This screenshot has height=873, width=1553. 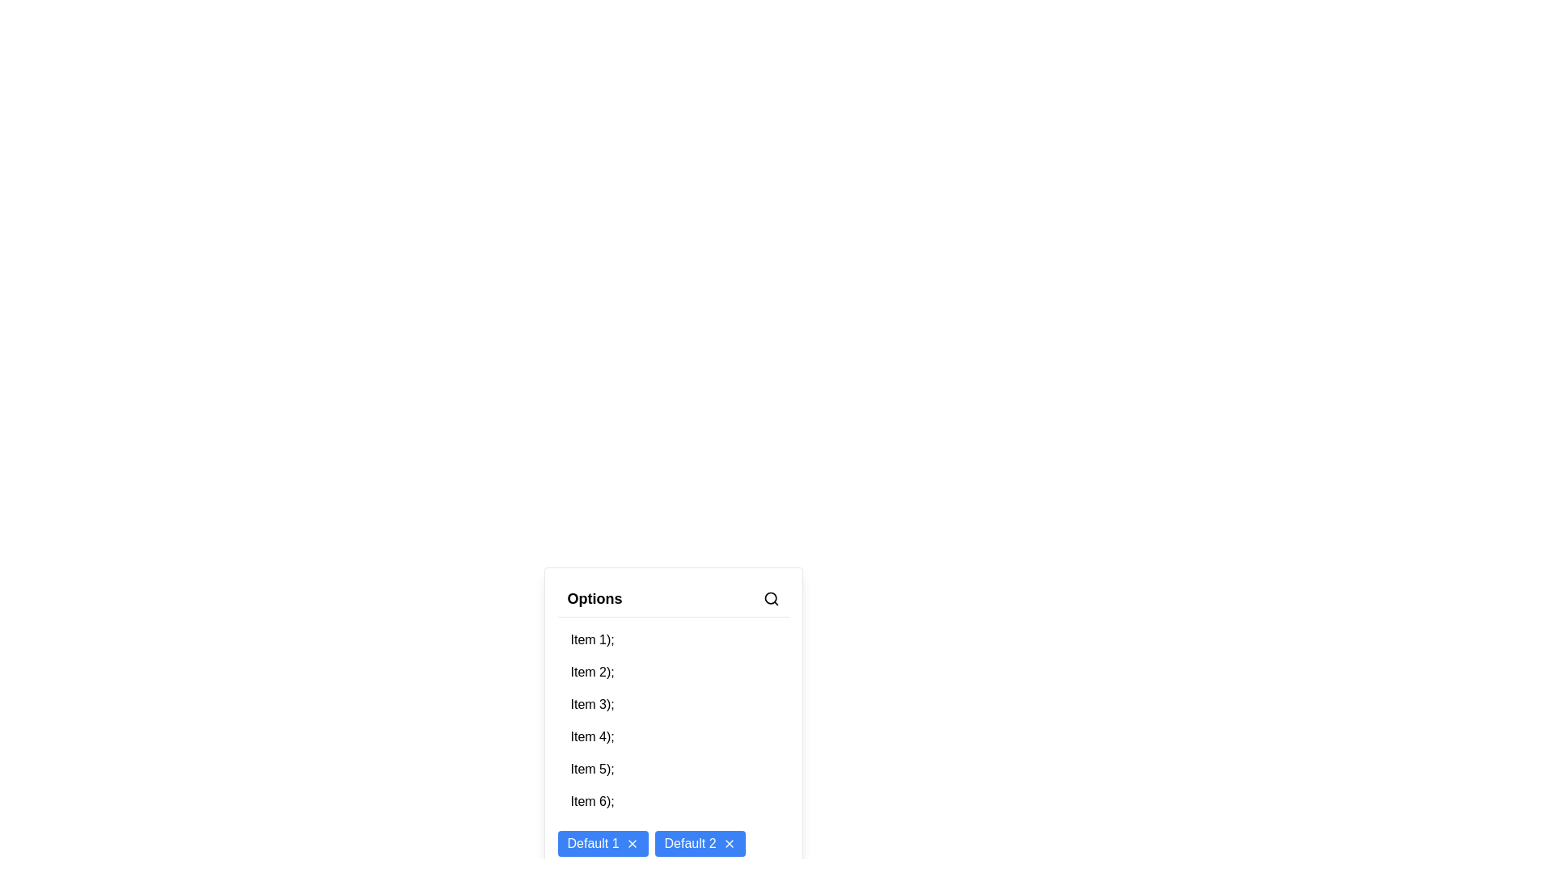 I want to click on the fifth item in the list under the title 'Options', so click(x=673, y=769).